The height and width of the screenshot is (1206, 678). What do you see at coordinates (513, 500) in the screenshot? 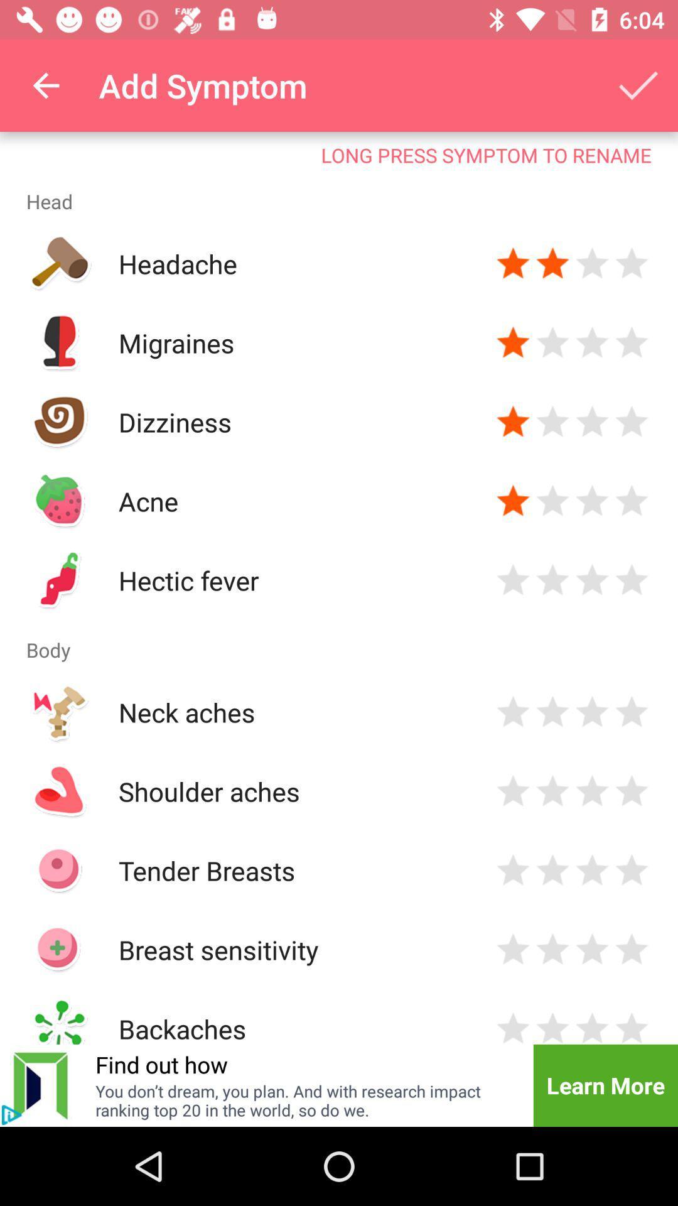
I see `star for star feedback of acne` at bounding box center [513, 500].